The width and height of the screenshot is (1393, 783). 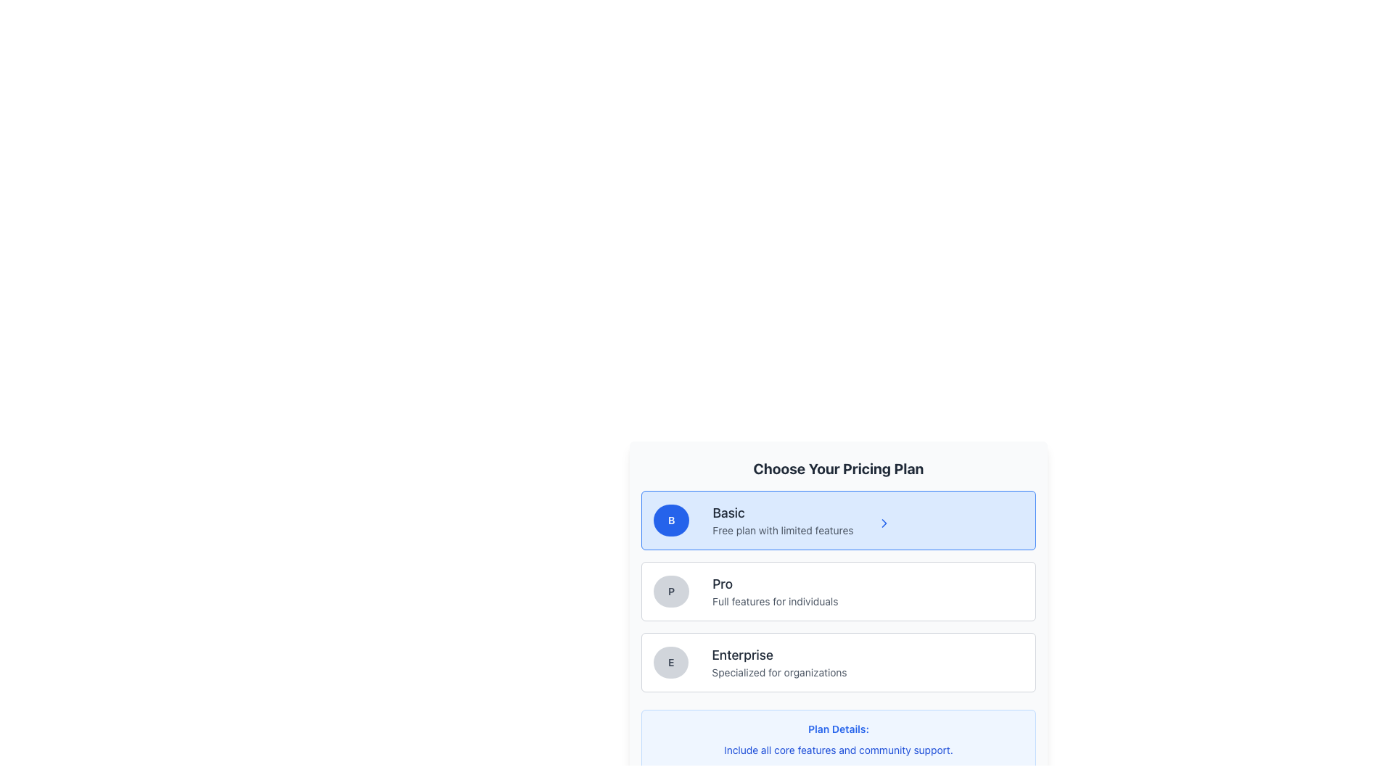 I want to click on outside the 'Pro Full features for individuals' text label to implicitly select it, so click(x=774, y=592).